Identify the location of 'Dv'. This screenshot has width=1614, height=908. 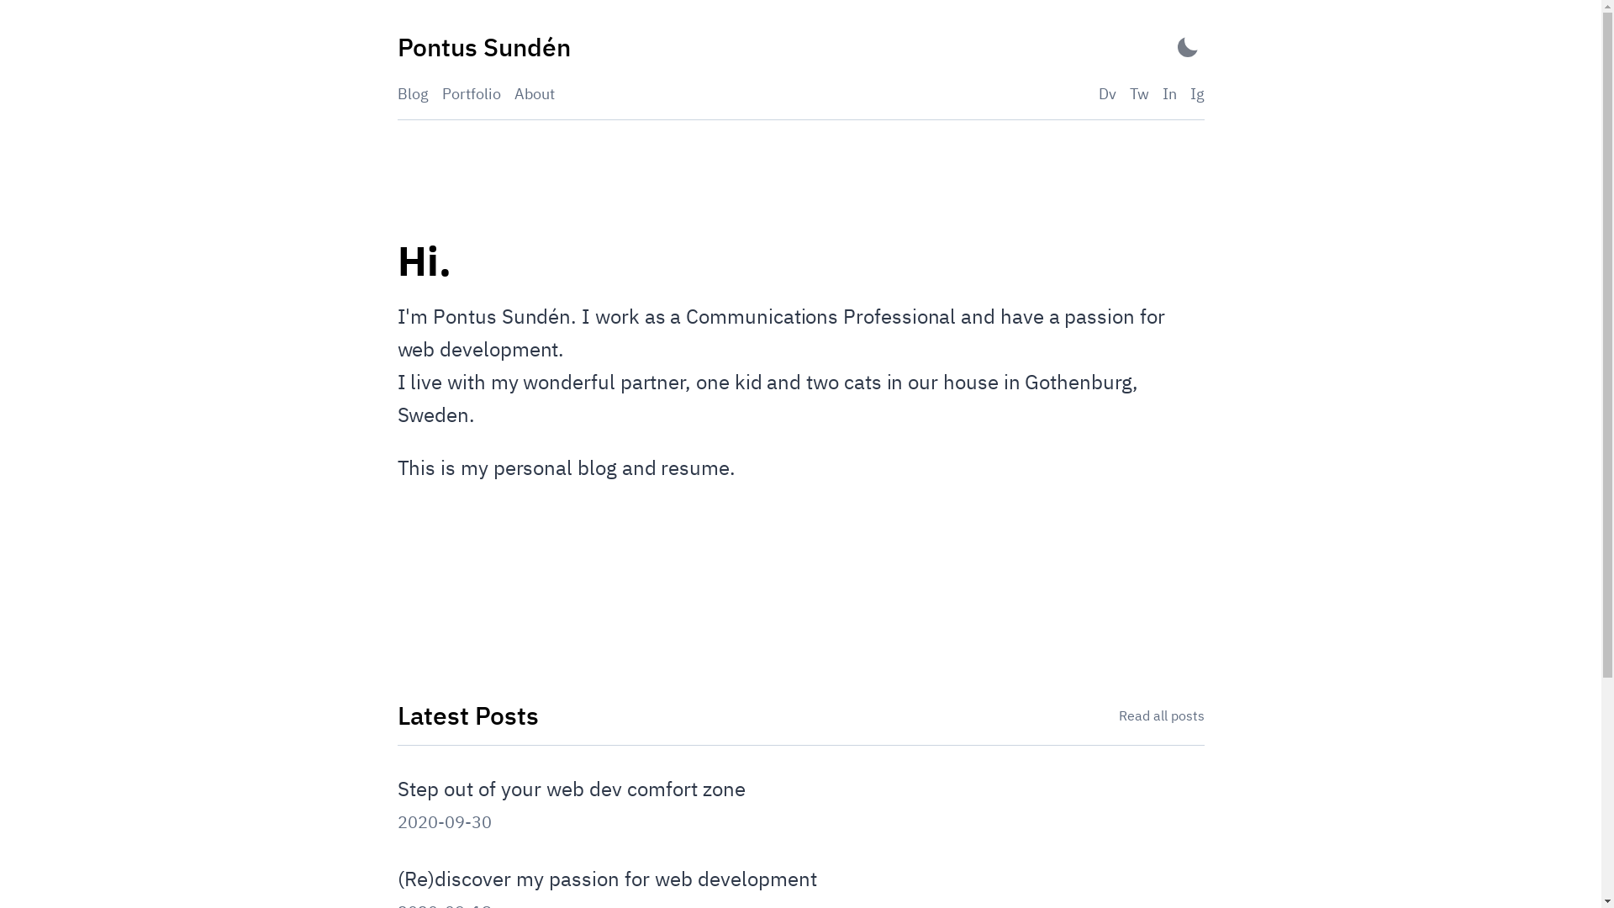
(1097, 93).